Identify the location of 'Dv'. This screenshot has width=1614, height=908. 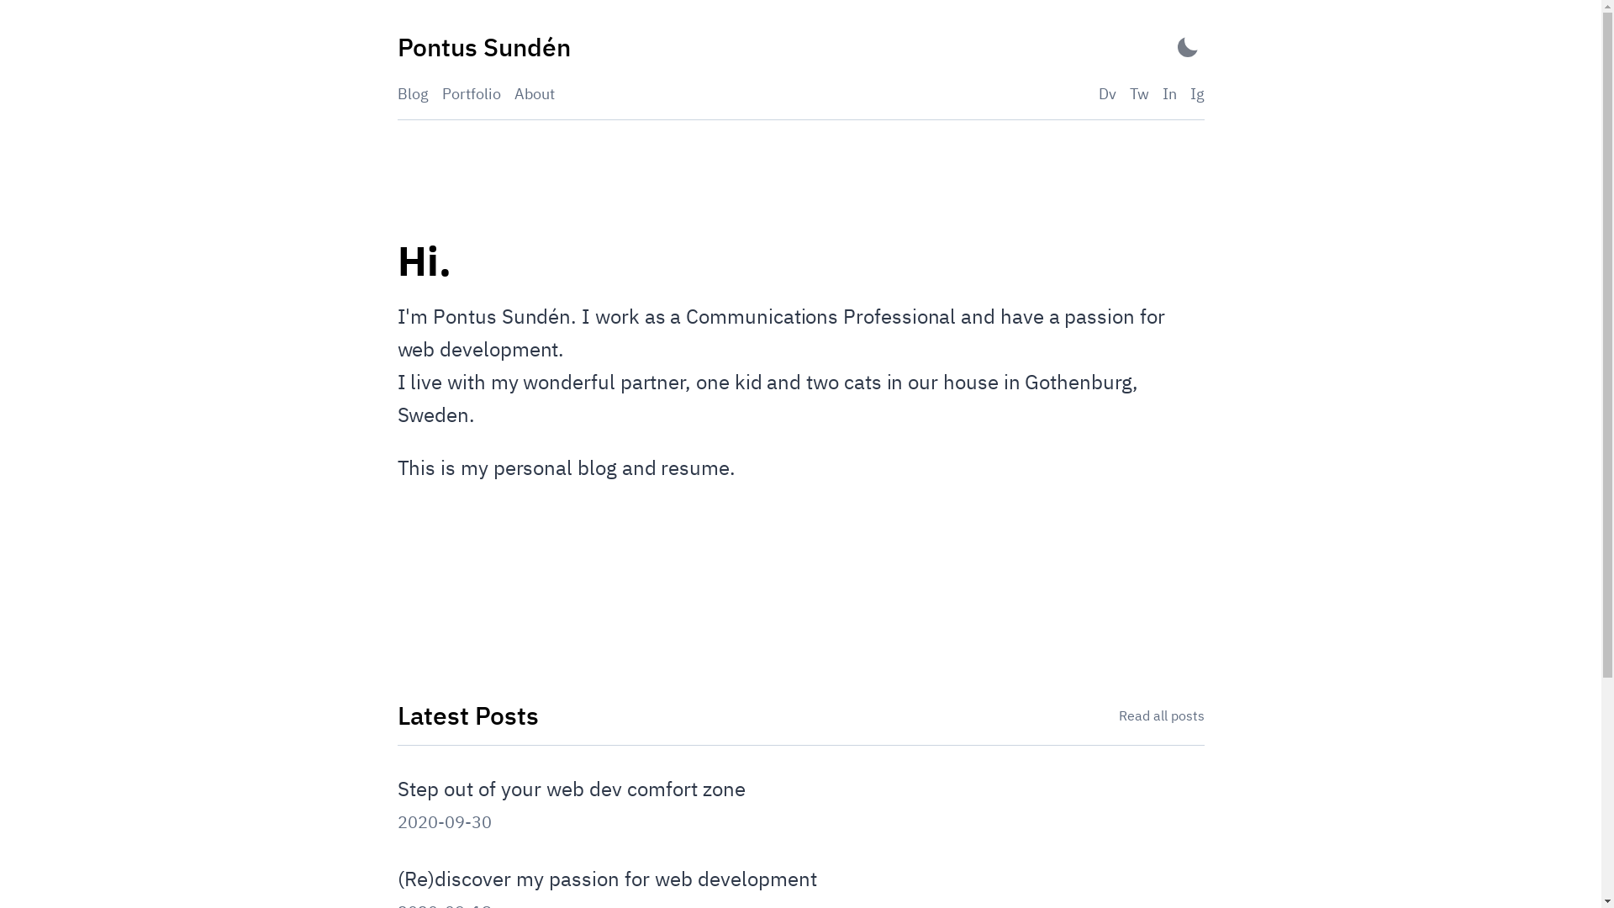
(1097, 93).